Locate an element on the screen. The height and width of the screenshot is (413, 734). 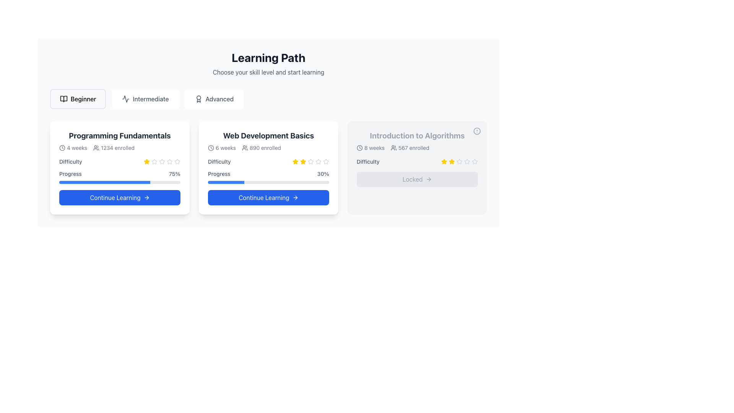
the circular element in the top-right corner of the 'Introduction to Algorithms' card, which is part of an alert icon indicating additional information or a warning is located at coordinates (477, 131).